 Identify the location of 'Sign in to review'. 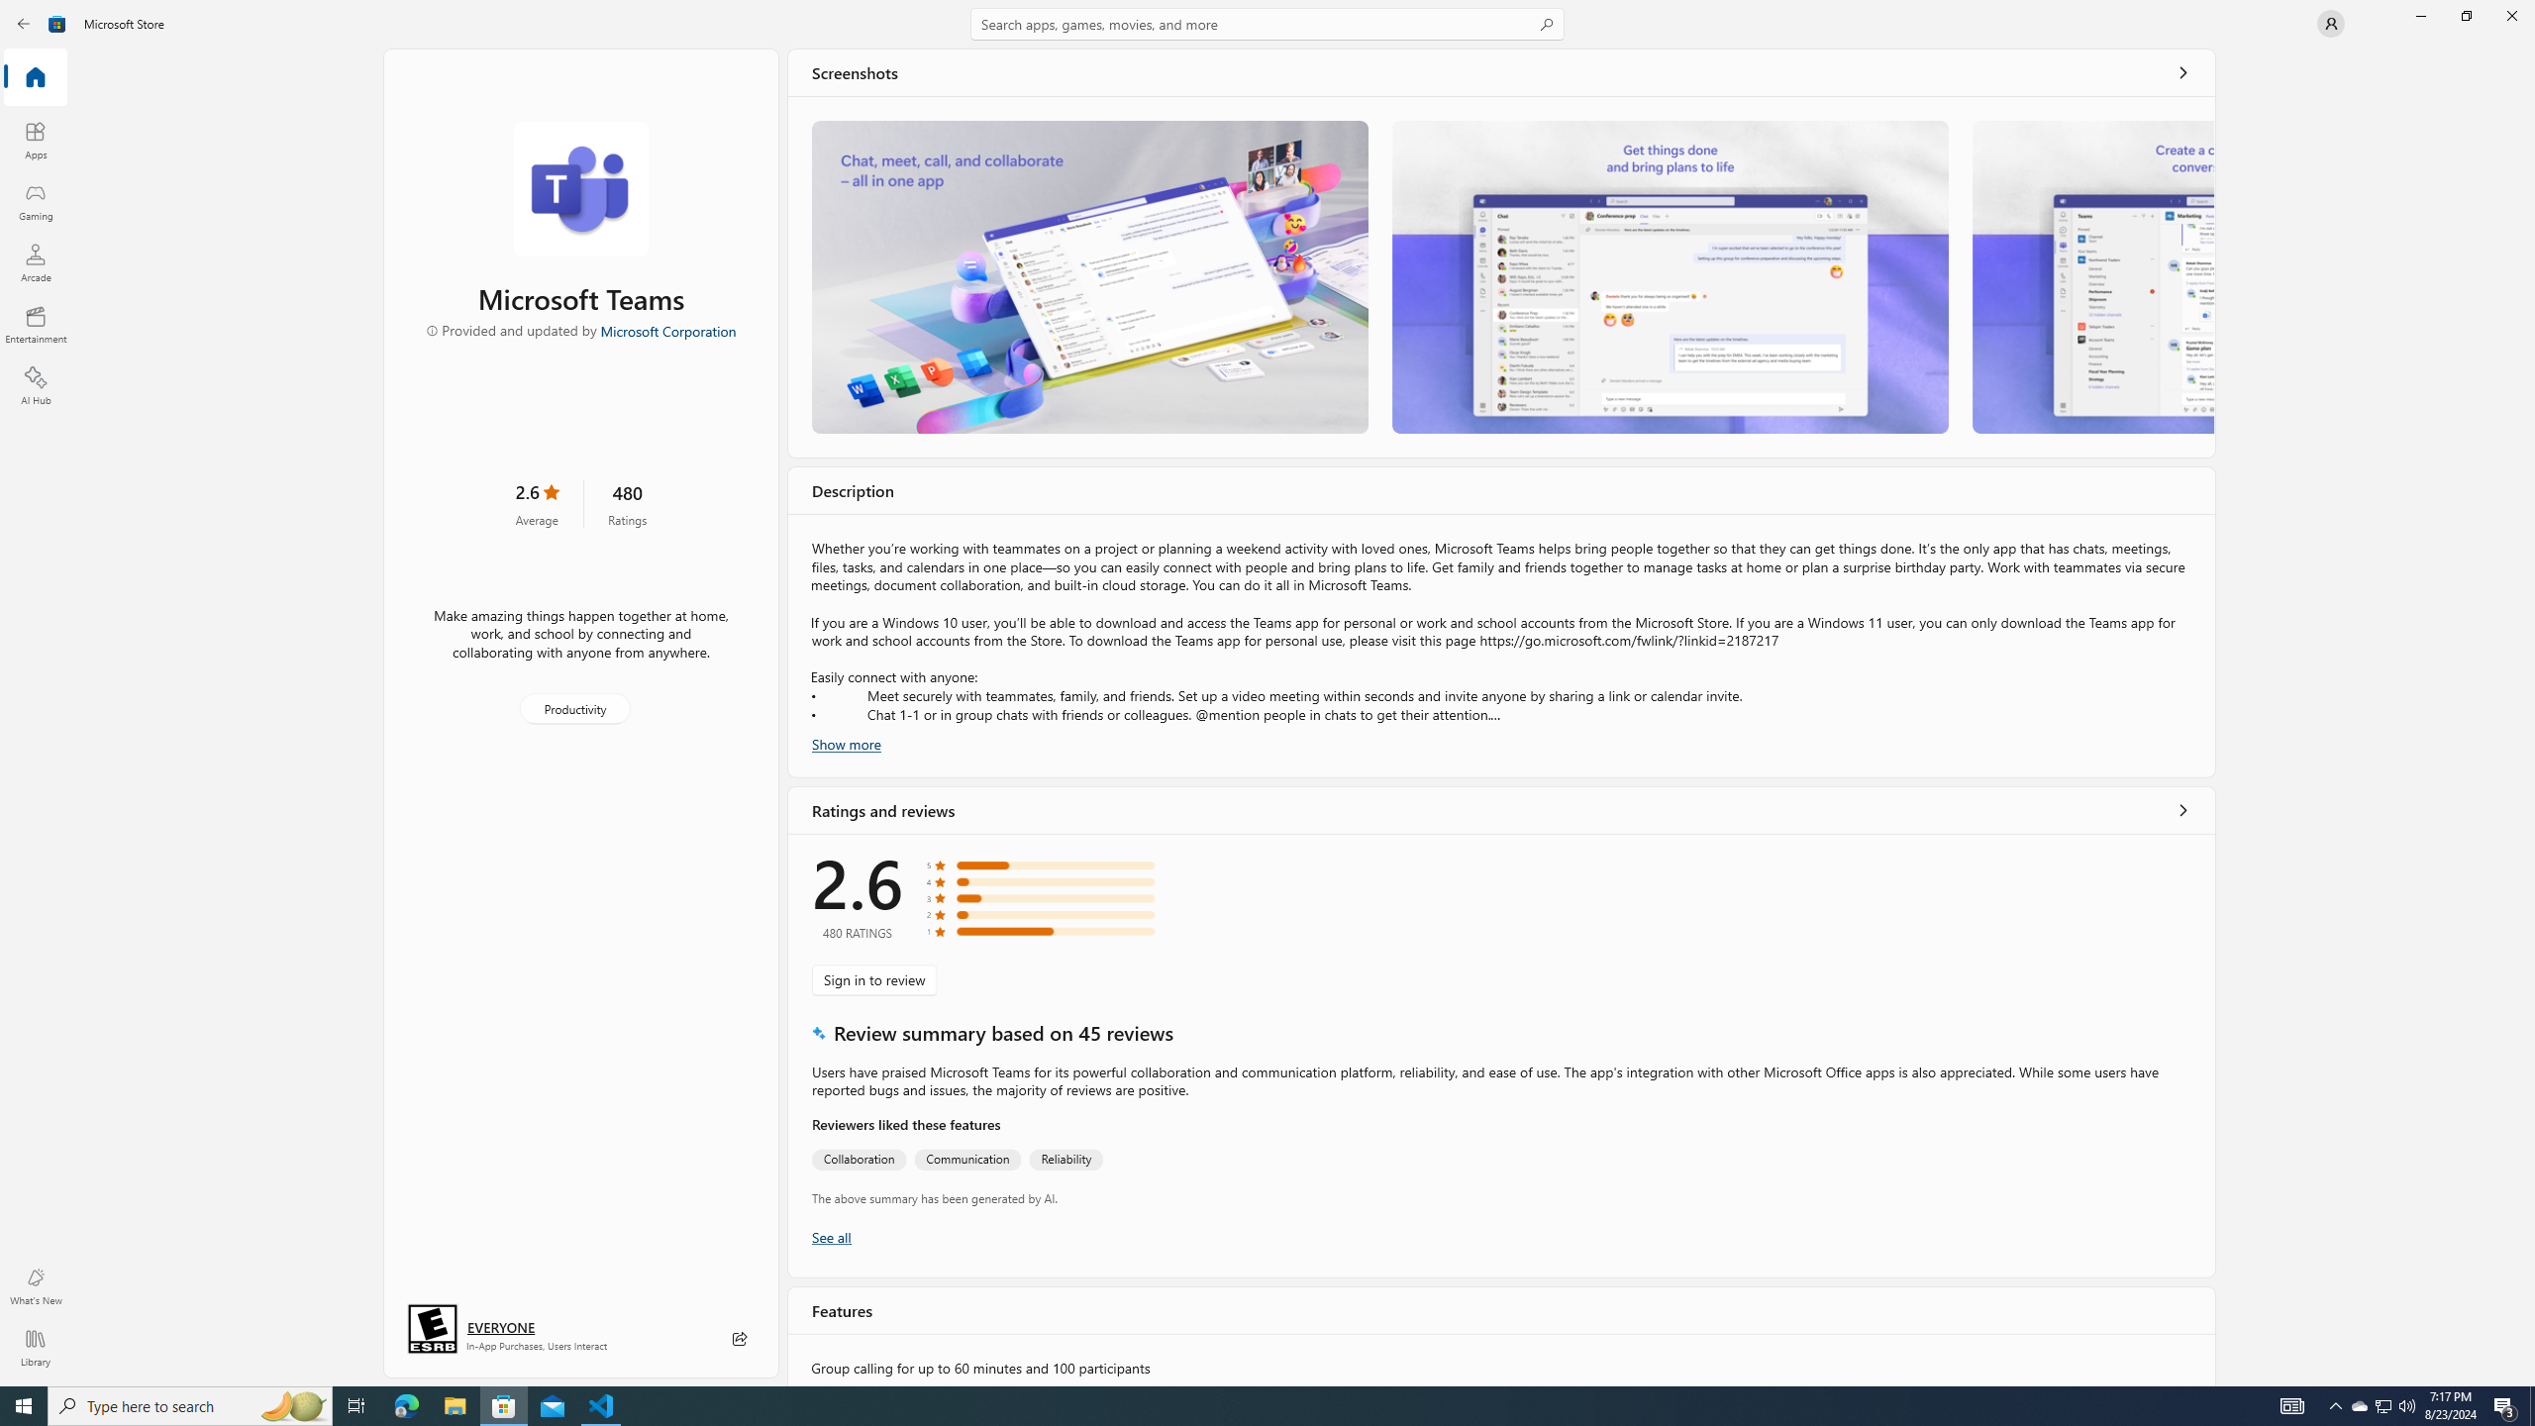
(873, 978).